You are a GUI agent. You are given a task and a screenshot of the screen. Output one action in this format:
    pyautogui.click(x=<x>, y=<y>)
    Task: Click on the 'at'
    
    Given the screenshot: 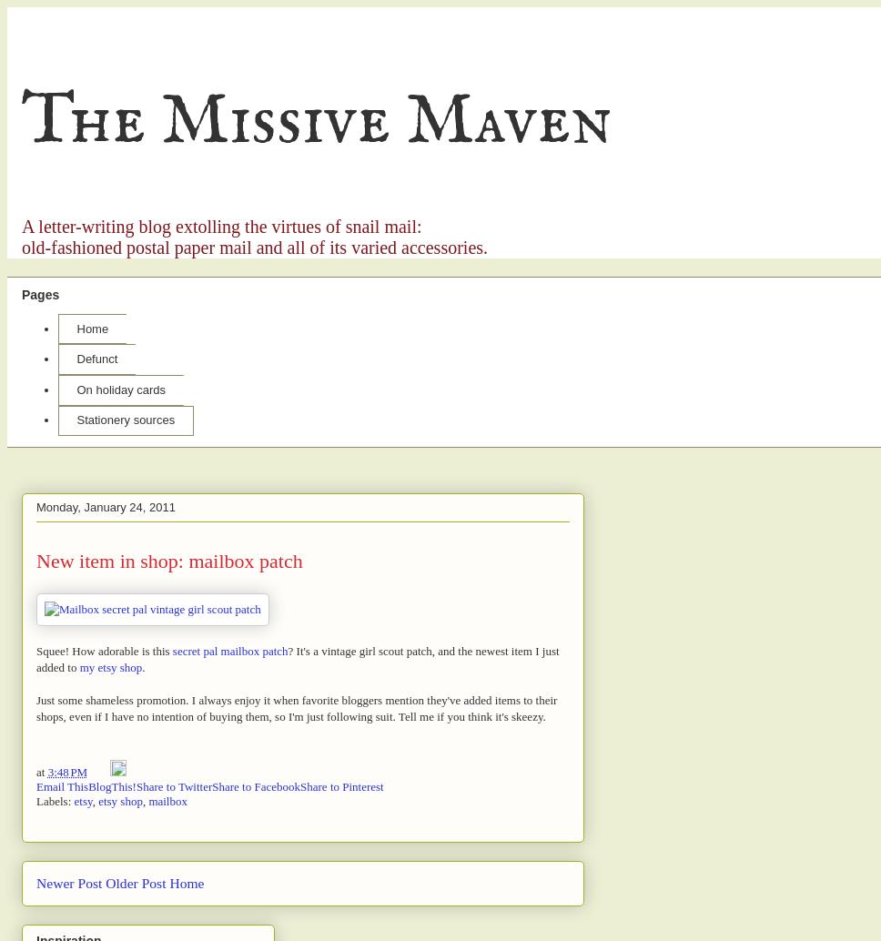 What is the action you would take?
    pyautogui.click(x=40, y=771)
    